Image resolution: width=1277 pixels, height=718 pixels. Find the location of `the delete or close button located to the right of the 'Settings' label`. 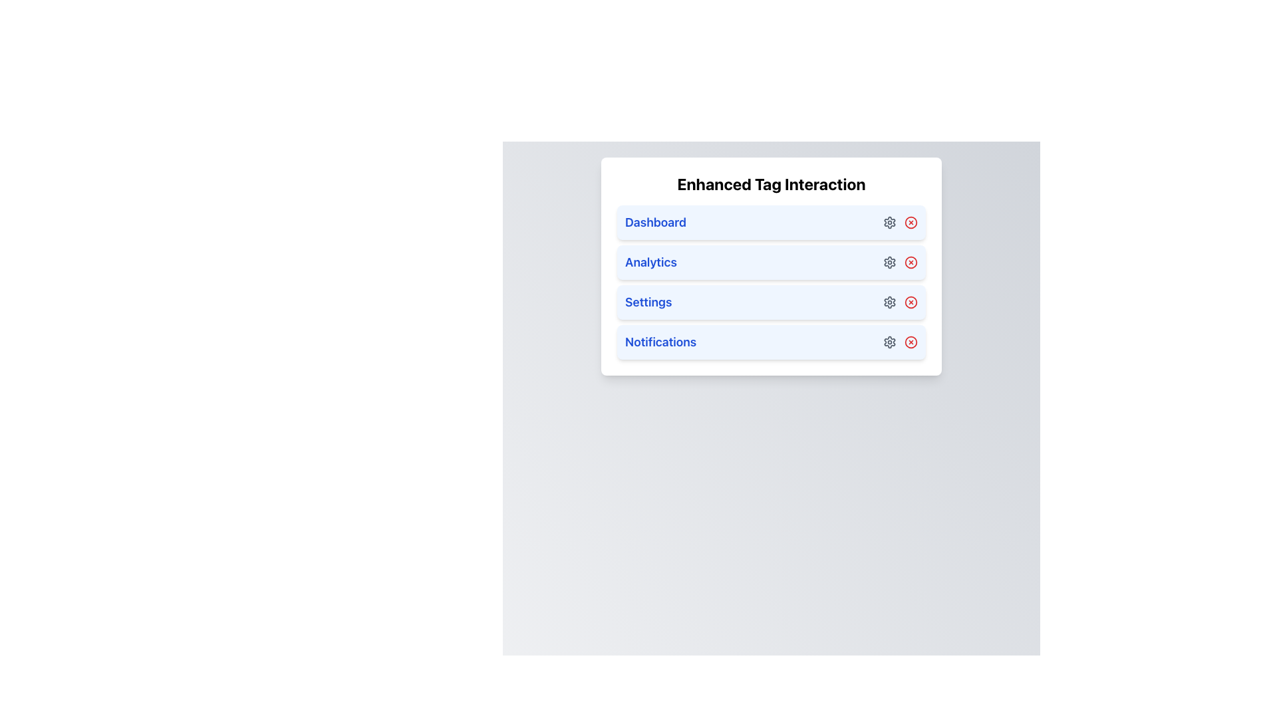

the delete or close button located to the right of the 'Settings' label is located at coordinates (910, 302).